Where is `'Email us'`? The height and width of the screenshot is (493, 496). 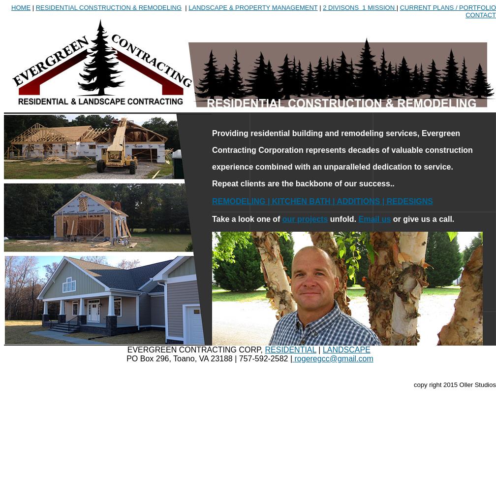 'Email us' is located at coordinates (374, 218).